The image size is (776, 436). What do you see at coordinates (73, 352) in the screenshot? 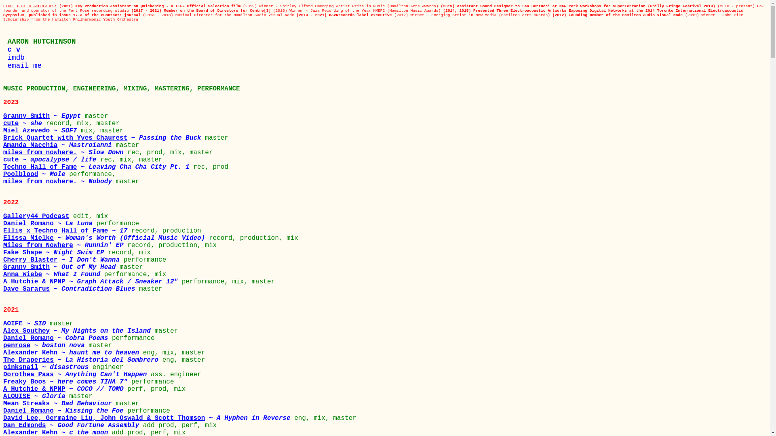
I see `'Alexander Kehn ~ haunt me to heaven'` at bounding box center [73, 352].